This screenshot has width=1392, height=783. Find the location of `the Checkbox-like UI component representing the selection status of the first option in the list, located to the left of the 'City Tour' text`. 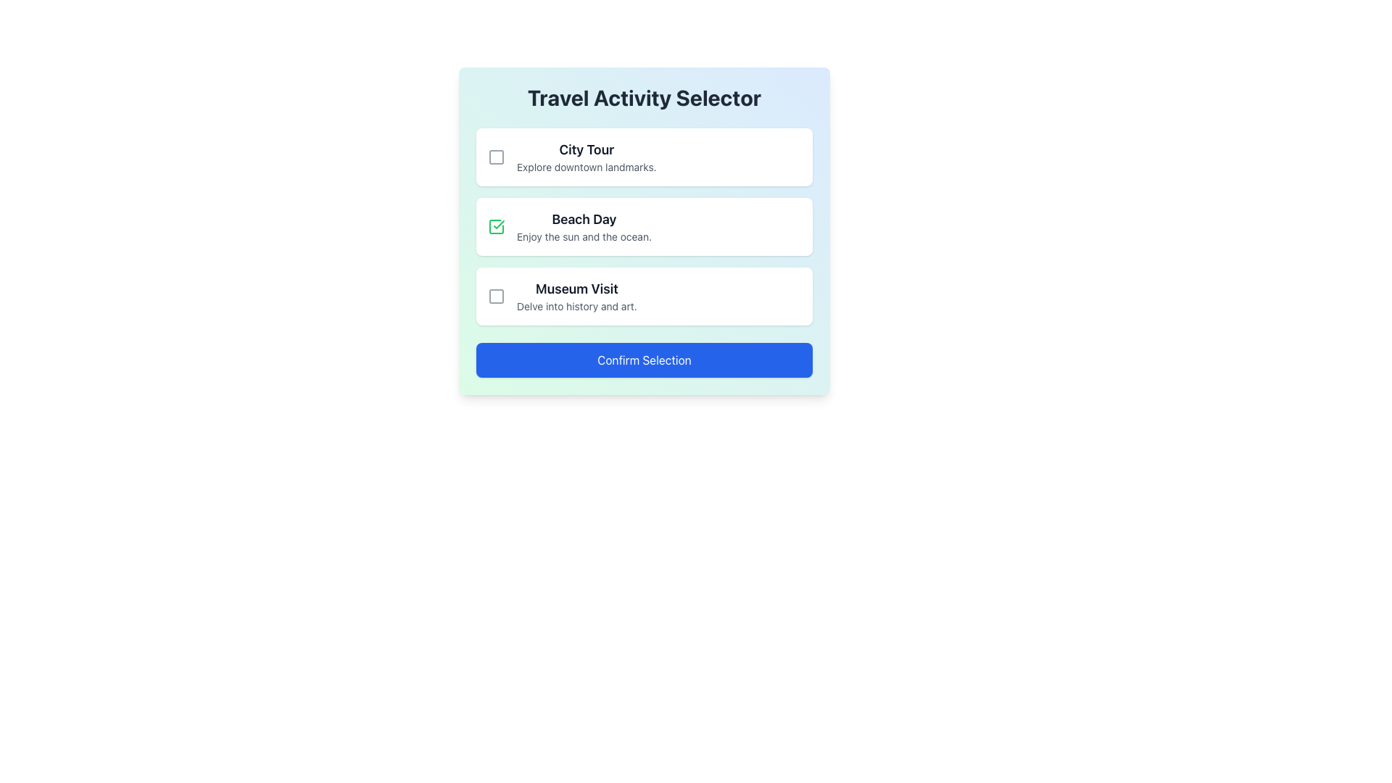

the Checkbox-like UI component representing the selection status of the first option in the list, located to the left of the 'City Tour' text is located at coordinates (497, 157).